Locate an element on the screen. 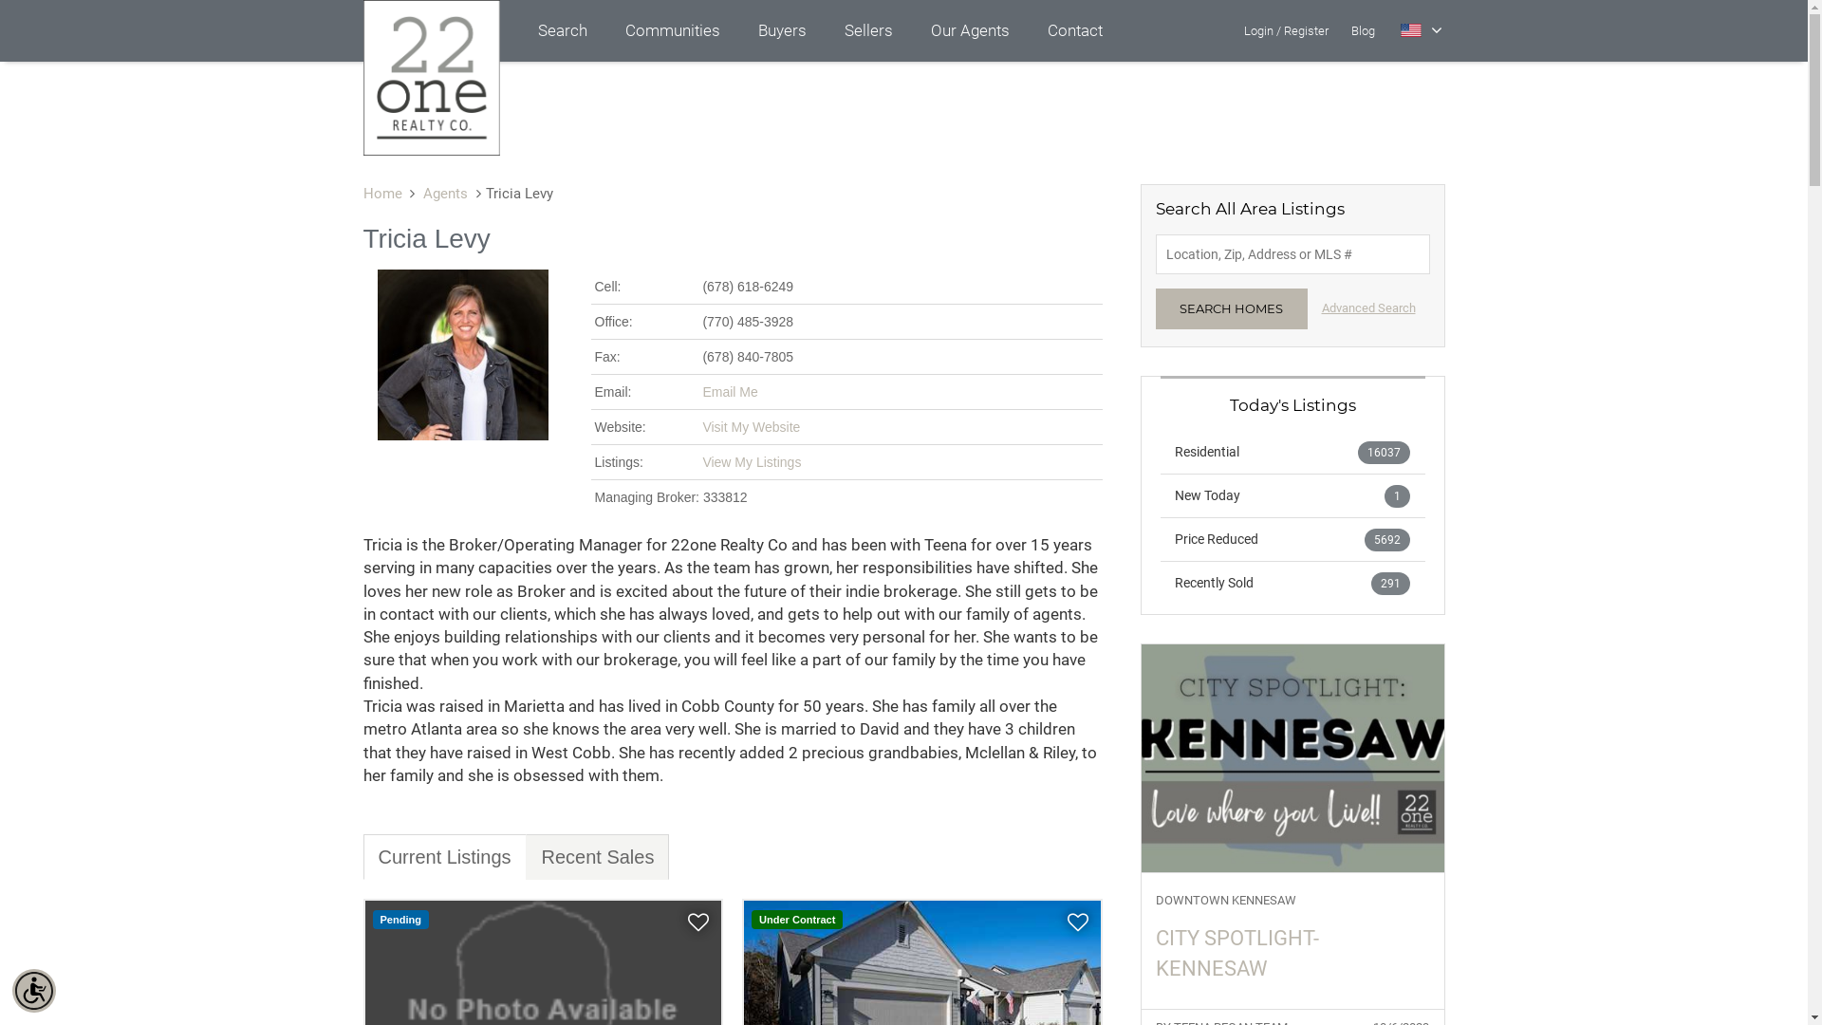  'Select Language' is located at coordinates (1421, 30).